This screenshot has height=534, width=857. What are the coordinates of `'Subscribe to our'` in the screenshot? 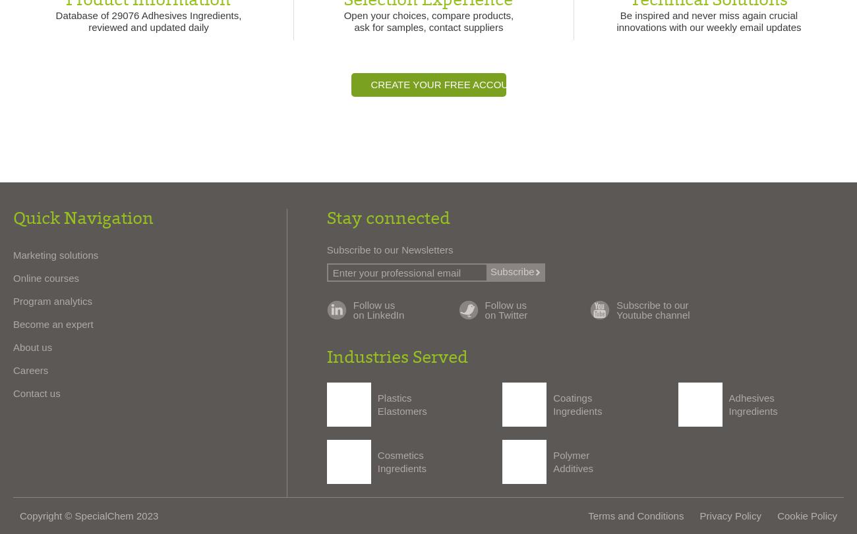 It's located at (651, 304).